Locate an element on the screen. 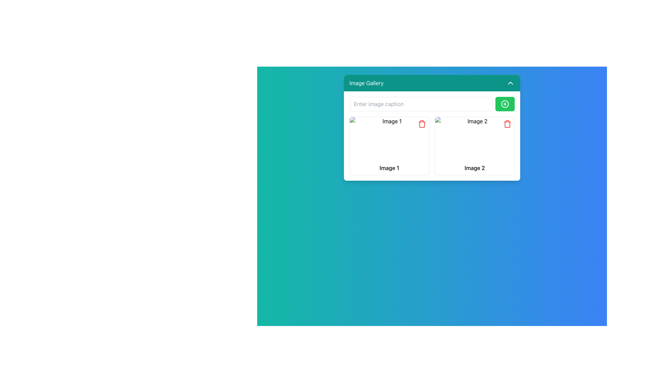 The width and height of the screenshot is (661, 371). the image placeholder marked as 'Image 2', which is located in the second column of the image gallery layout is located at coordinates (474, 139).